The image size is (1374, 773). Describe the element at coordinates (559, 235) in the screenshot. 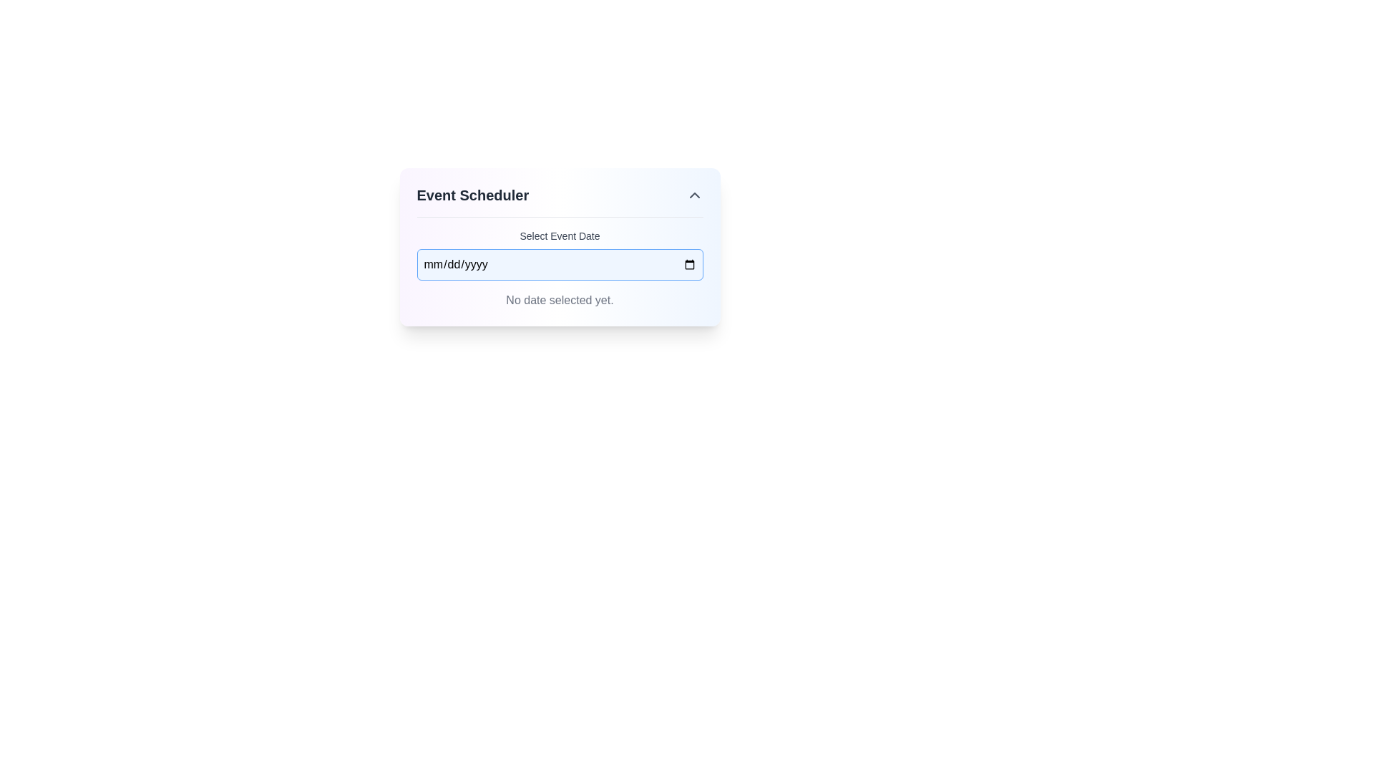

I see `the label that serves as a description for the date input field in the Event Scheduler` at that location.